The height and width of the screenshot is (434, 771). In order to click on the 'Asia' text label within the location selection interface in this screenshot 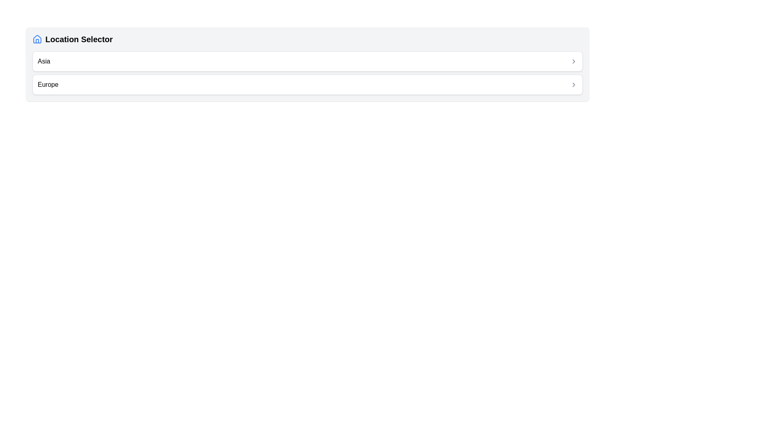, I will do `click(43, 61)`.